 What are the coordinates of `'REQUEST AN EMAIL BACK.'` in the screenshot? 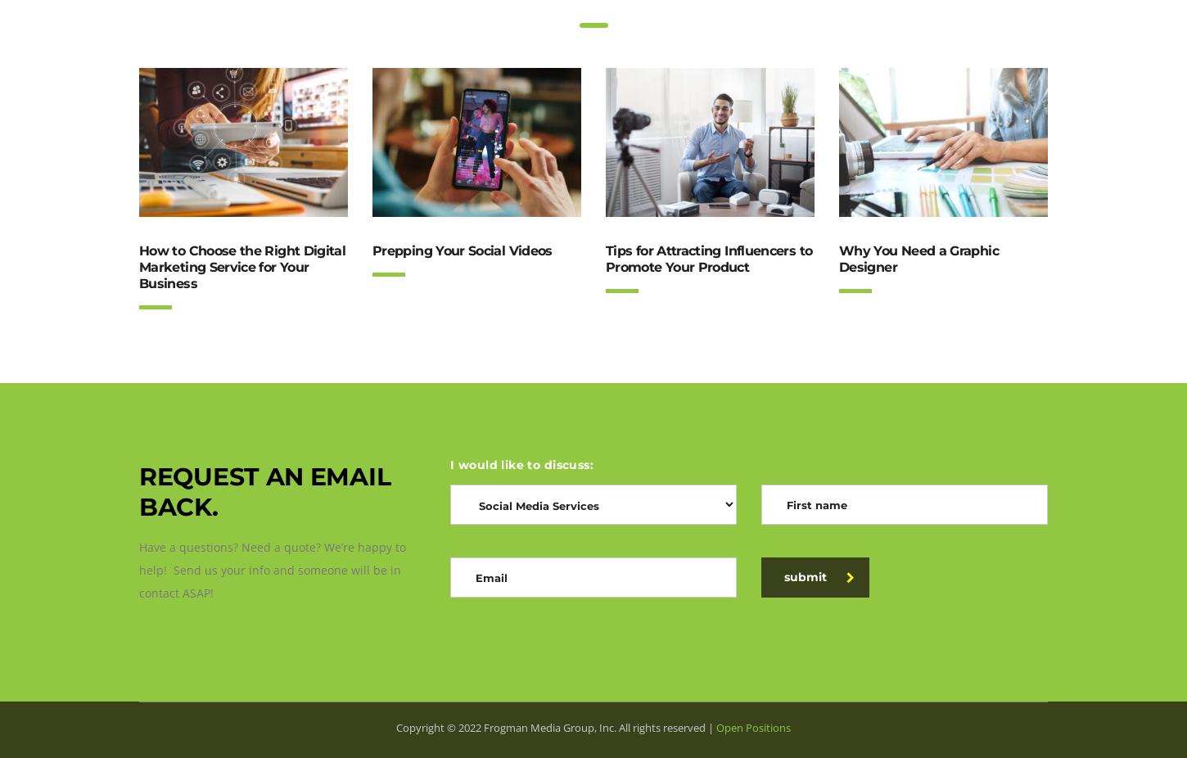 It's located at (138, 490).